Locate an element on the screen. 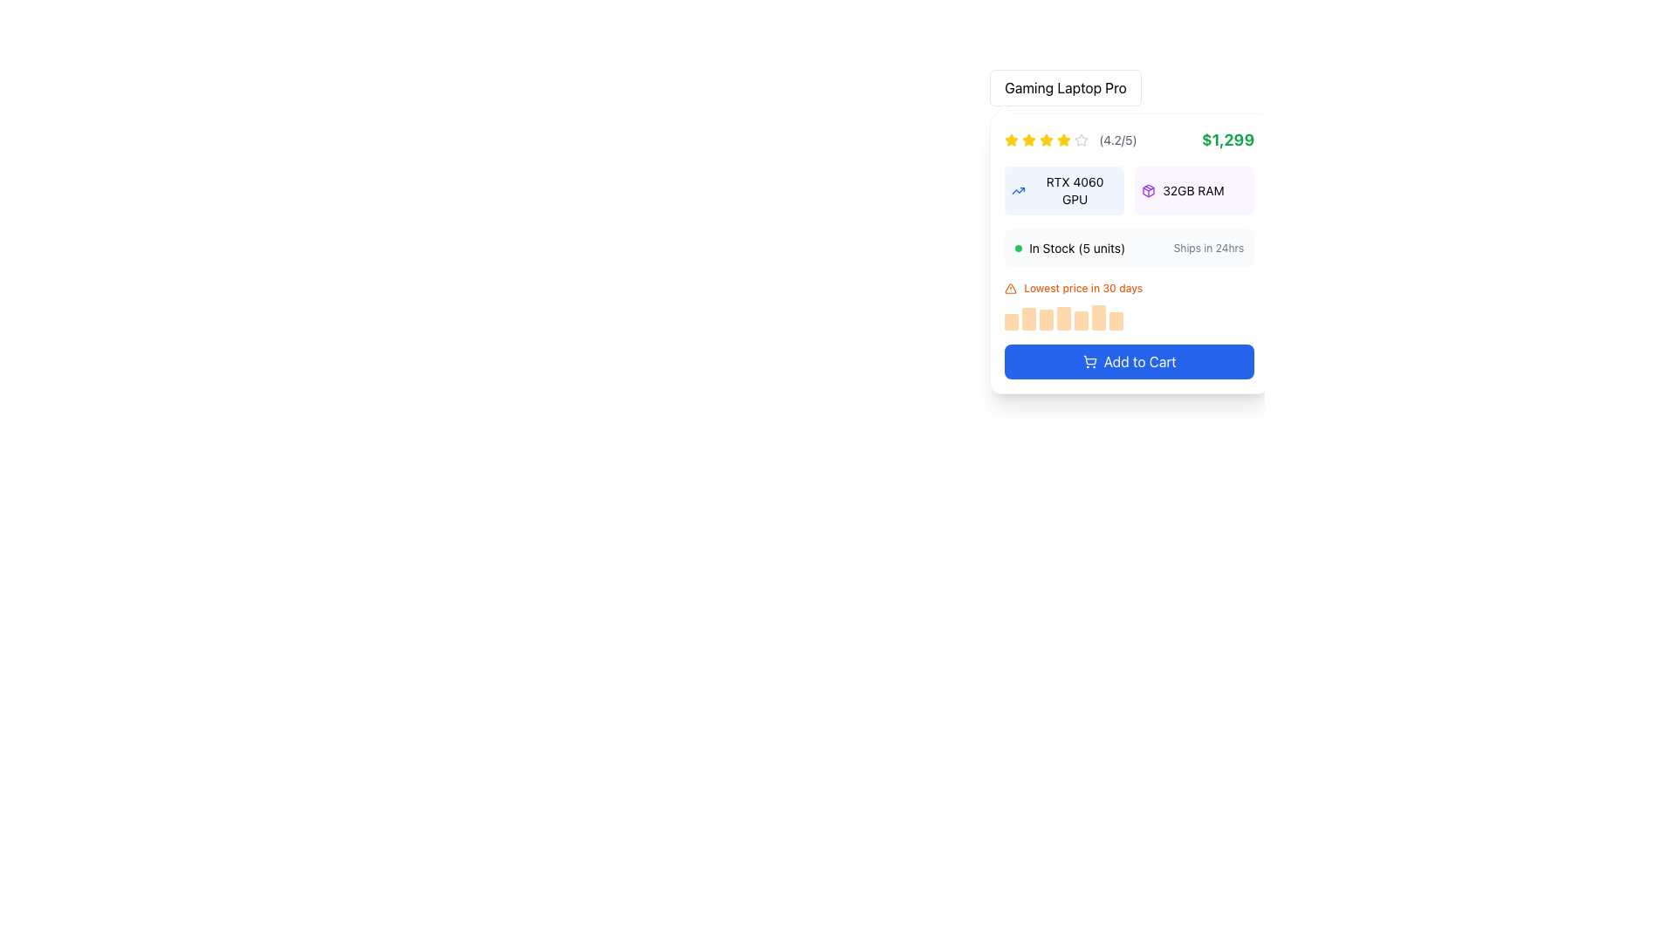 This screenshot has width=1676, height=942. the seventh and last bar in the horizontal sequence of bars representing values in a chart, located under the low prices label in the product information panel is located at coordinates (1116, 321).